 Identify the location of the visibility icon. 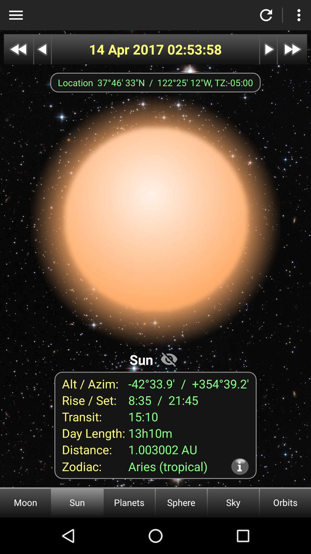
(169, 359).